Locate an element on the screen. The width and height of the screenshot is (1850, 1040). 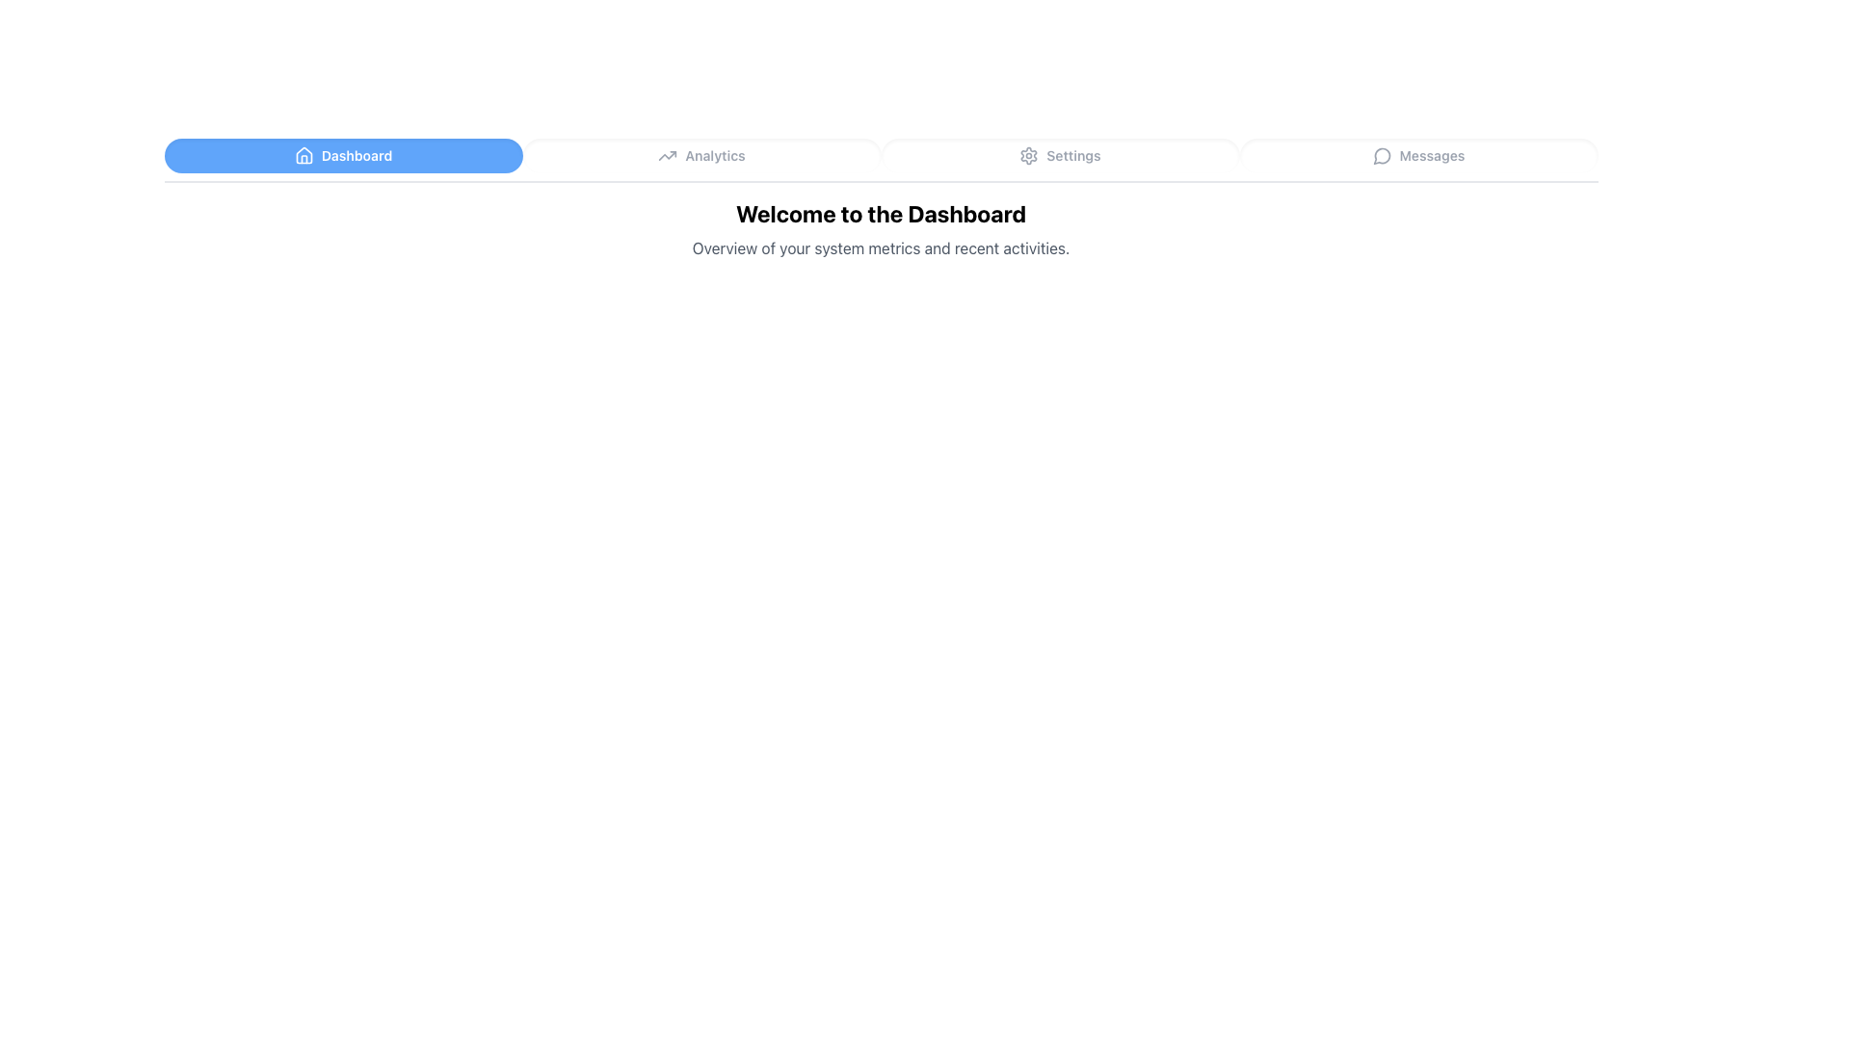
the 'Messages' icon located in the top navigation bar is located at coordinates (1381, 155).